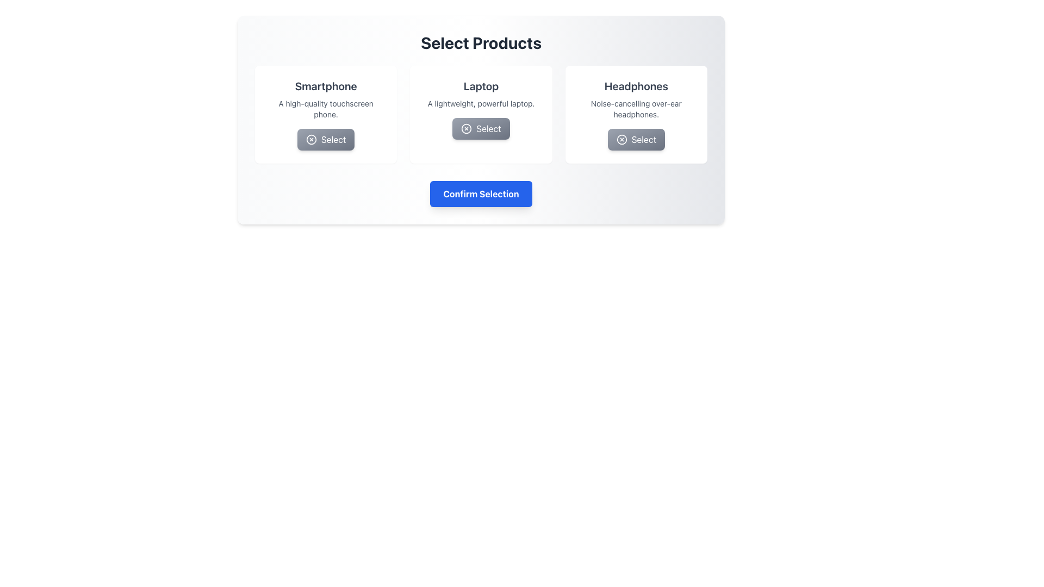 The height and width of the screenshot is (587, 1044). I want to click on the 'Select' button with a gray cross-circle icon located in the product card for 'Headphones', so click(636, 139).